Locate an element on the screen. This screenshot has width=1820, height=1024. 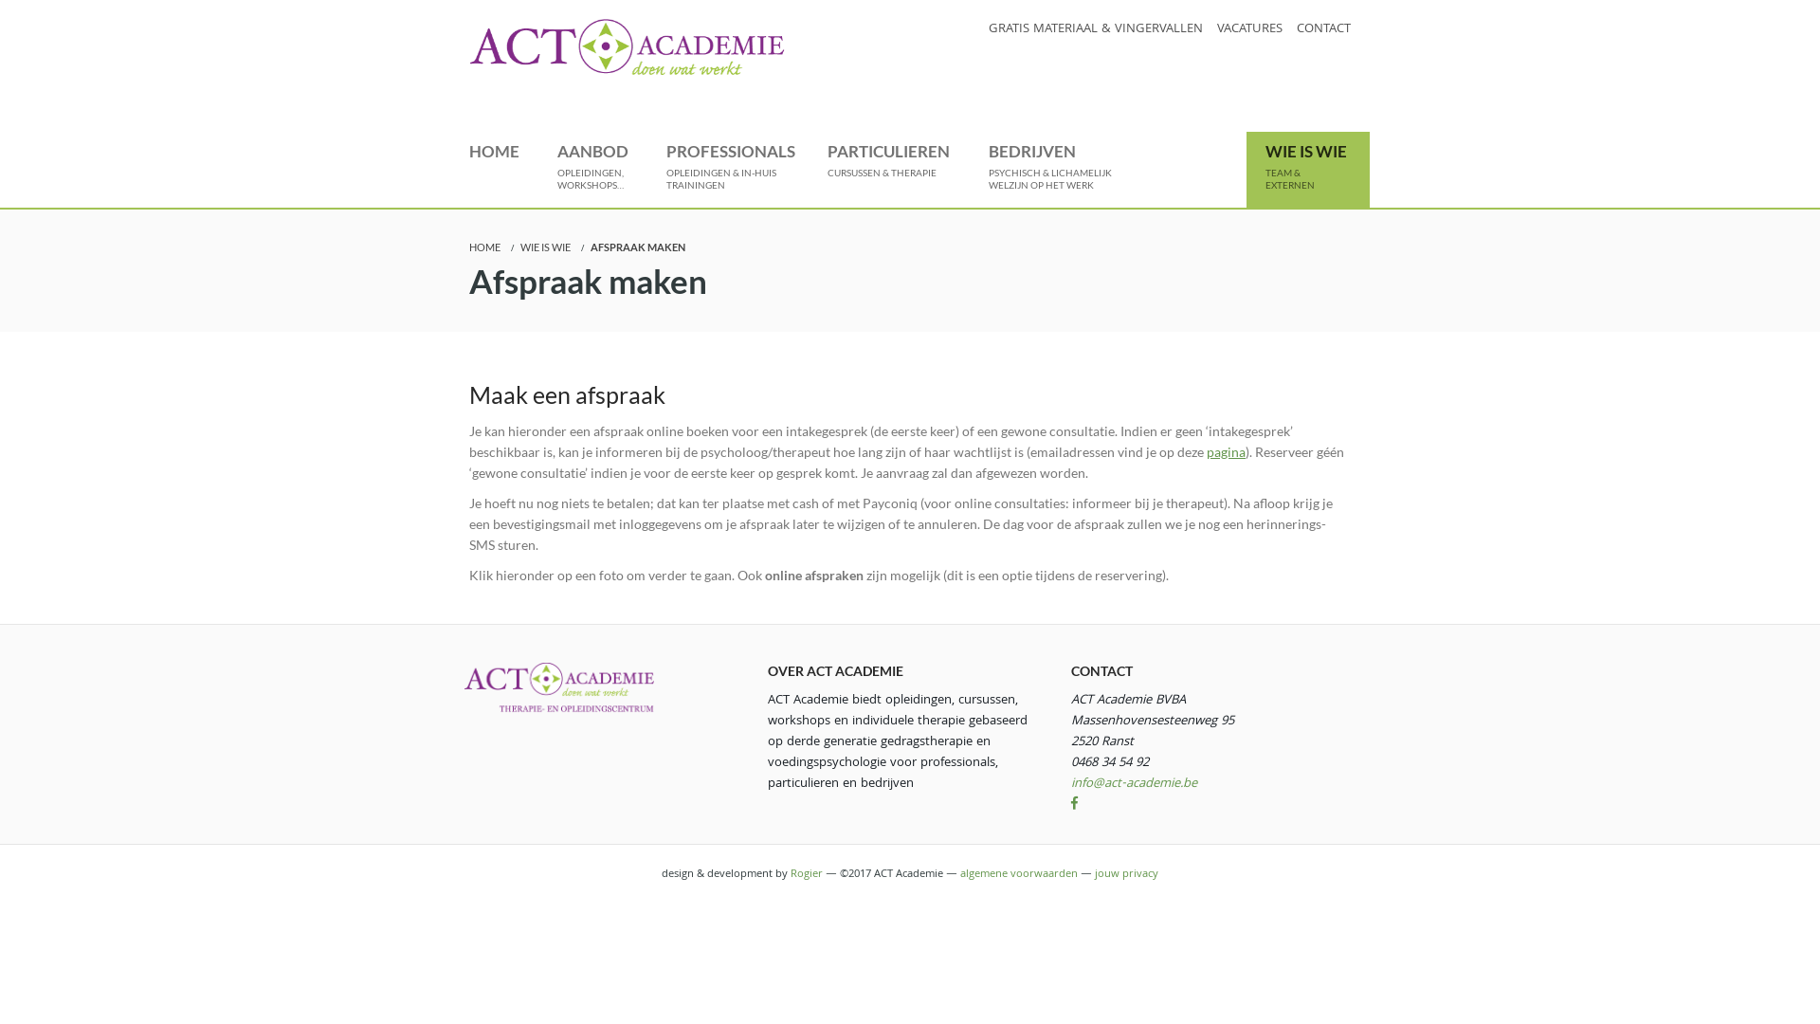
'GRATIS MATERIAAL & VINGERVALLEN' is located at coordinates (1096, 28).